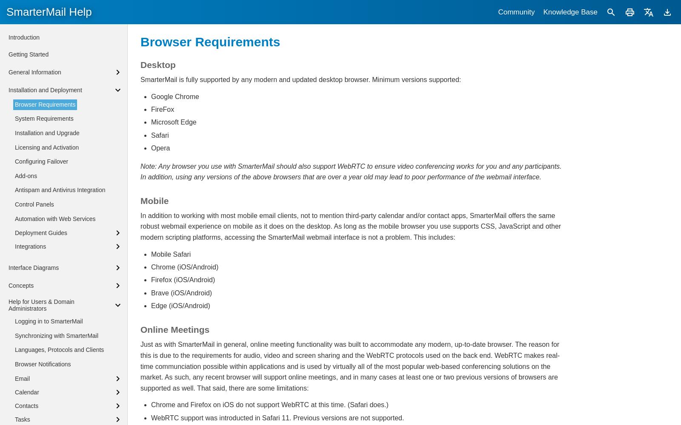 This screenshot has width=681, height=425. I want to click on 'Add-ons', so click(14, 176).